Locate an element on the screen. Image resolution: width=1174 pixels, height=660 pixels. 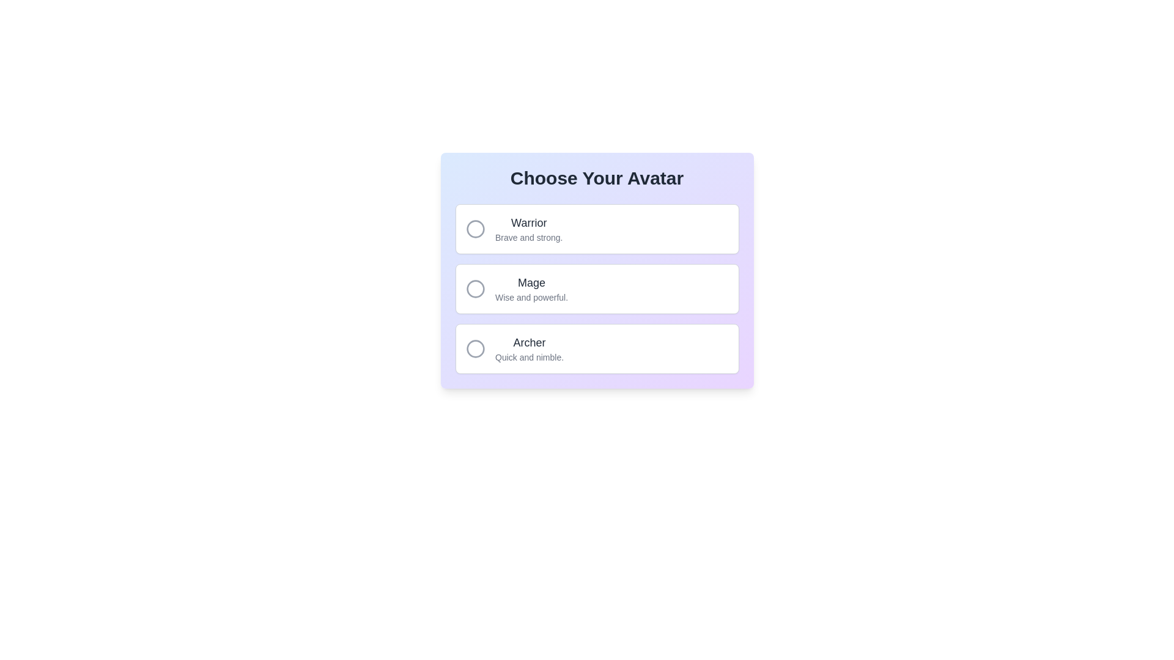
the circular icon with a gray outline located to the left of the 'Warrior' text in the first option of the selection interface is located at coordinates (474, 229).